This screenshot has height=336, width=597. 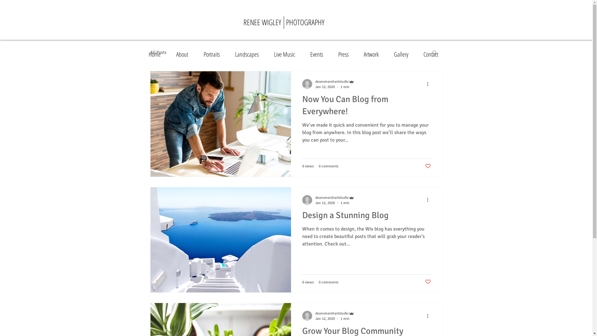 What do you see at coordinates (346, 54) in the screenshot?
I see `'Press'` at bounding box center [346, 54].